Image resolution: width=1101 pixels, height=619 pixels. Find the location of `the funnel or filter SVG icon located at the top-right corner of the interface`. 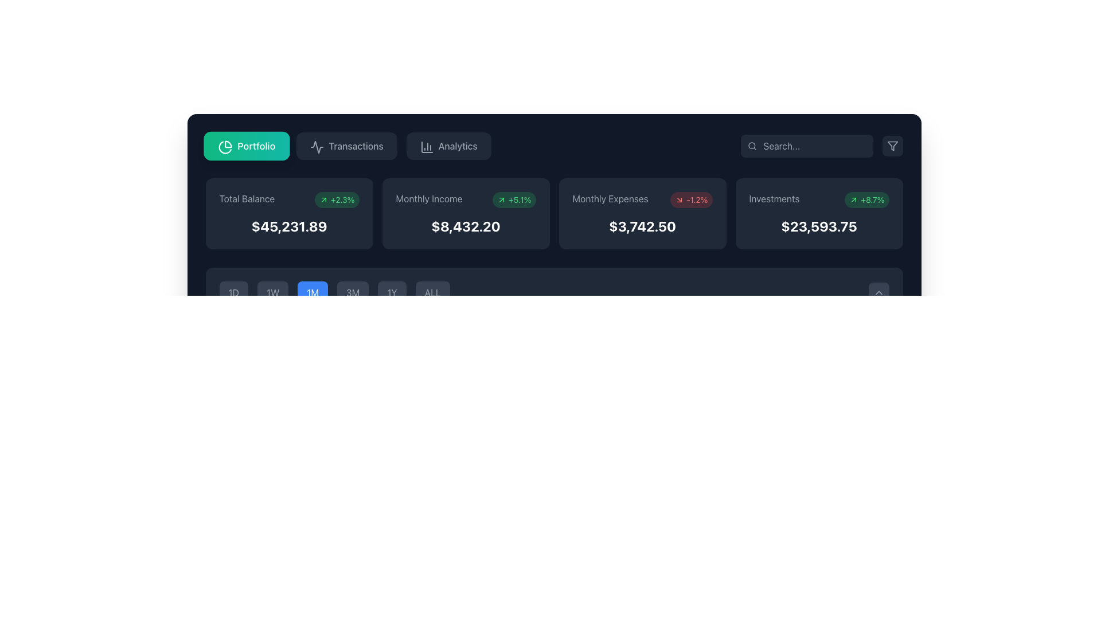

the funnel or filter SVG icon located at the top-right corner of the interface is located at coordinates (892, 145).